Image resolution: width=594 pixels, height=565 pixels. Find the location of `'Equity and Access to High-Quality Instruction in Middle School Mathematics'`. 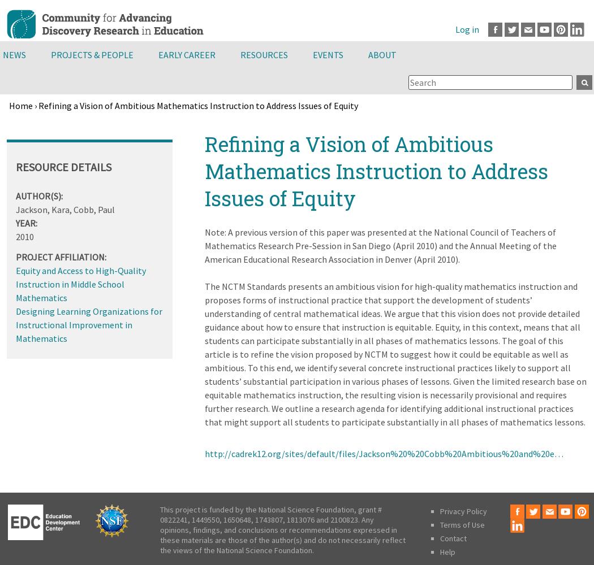

'Equity and Access to High-Quality Instruction in Middle School Mathematics' is located at coordinates (80, 284).